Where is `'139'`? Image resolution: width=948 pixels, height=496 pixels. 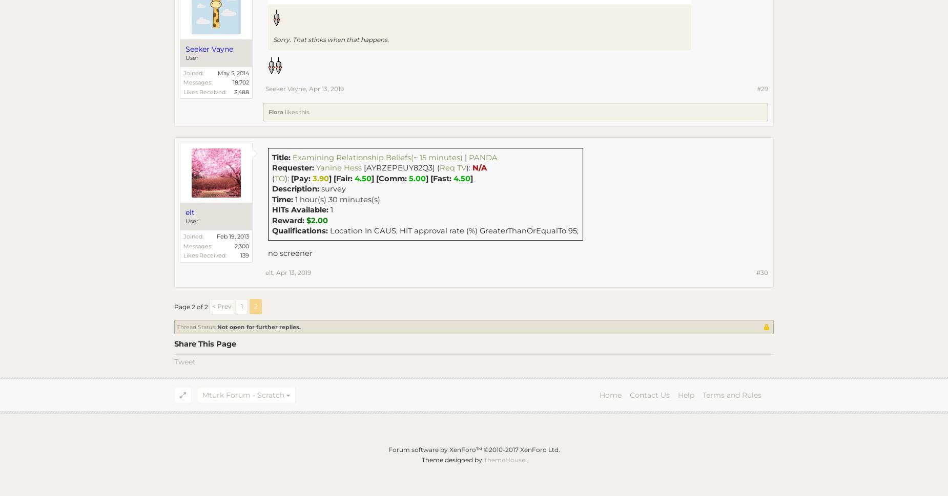
'139' is located at coordinates (244, 255).